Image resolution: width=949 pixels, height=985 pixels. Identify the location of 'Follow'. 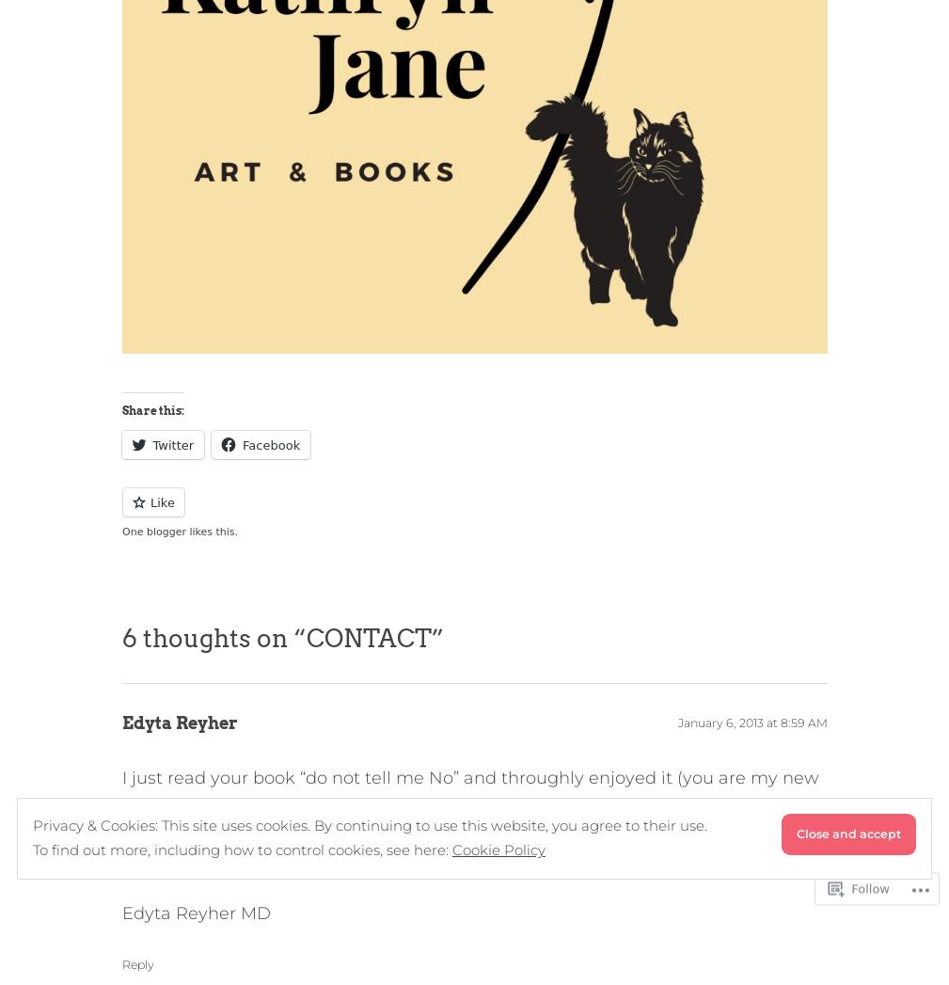
(850, 870).